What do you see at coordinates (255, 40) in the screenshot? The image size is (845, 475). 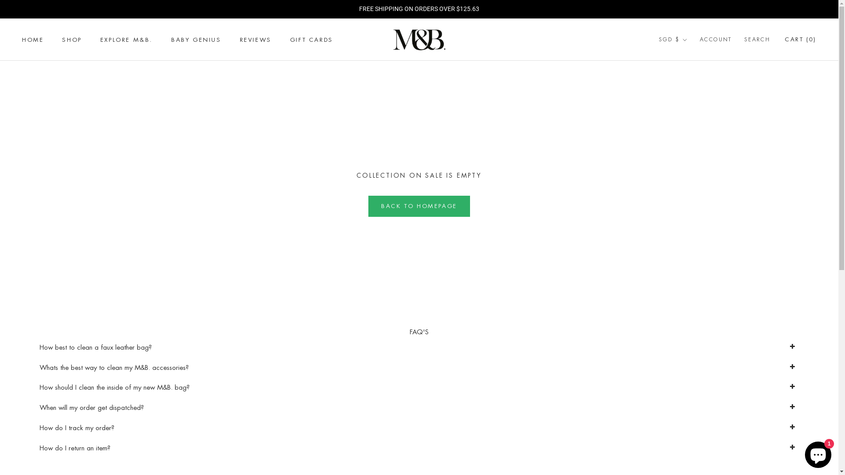 I see `'REVIEWS` at bounding box center [255, 40].